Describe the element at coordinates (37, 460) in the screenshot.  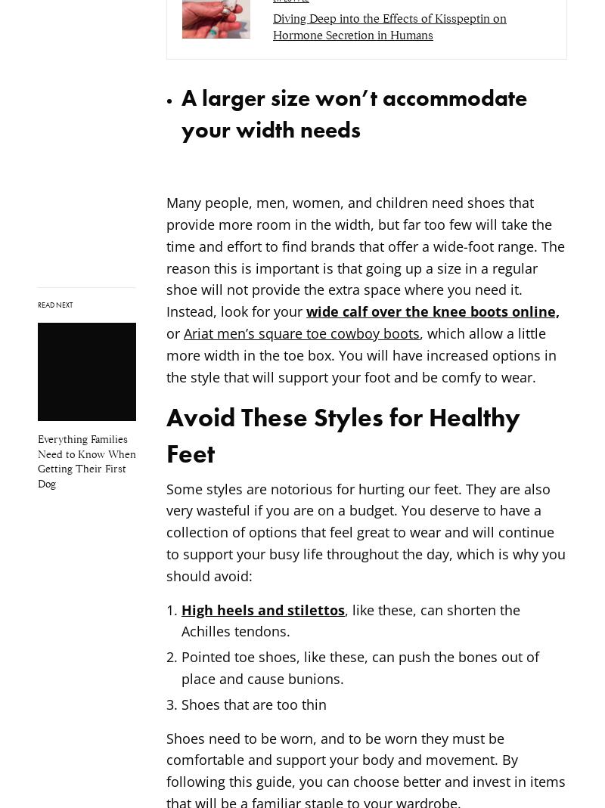
I see `'Everything Families Need to Know When Getting Their First Dog'` at that location.